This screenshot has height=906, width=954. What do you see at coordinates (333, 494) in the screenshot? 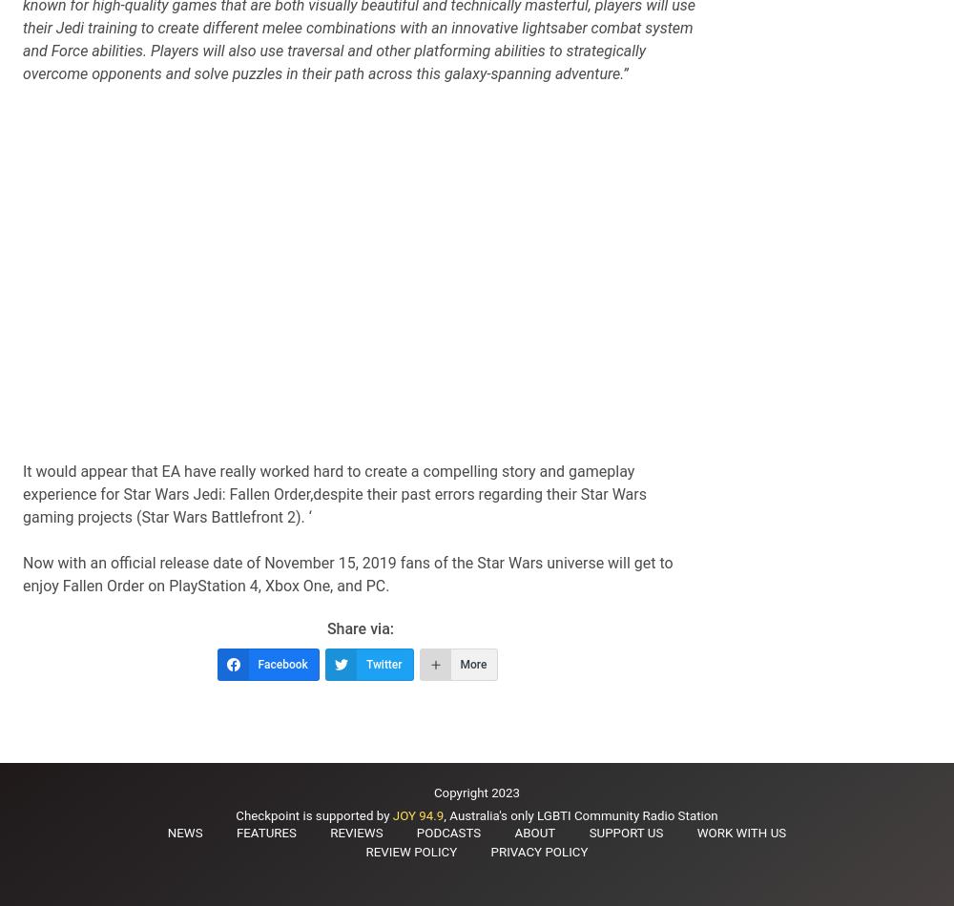
I see `'It would appear that EA have really worked hard to create a compelling story and gameplay experience for Star Wars Jedi: Fallen Order,despite their past errors regarding their Star Wars gaming projects (Star Wars Battlefront 2). ‘'` at bounding box center [333, 494].